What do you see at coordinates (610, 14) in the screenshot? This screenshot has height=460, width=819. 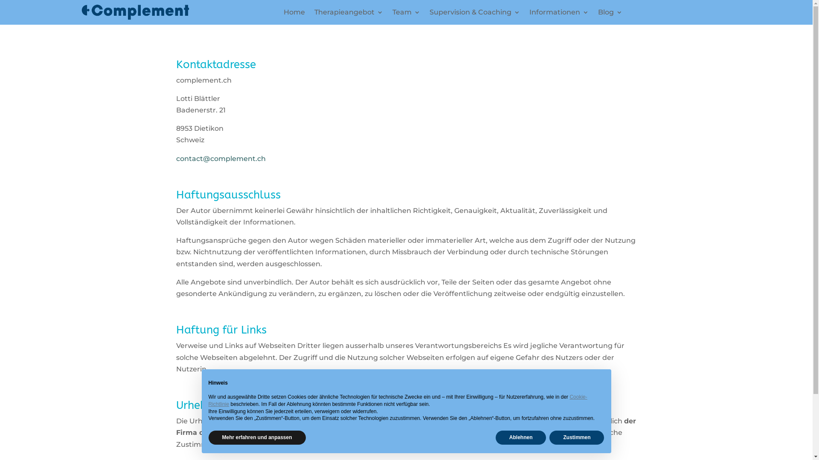 I see `'Blog'` at bounding box center [610, 14].